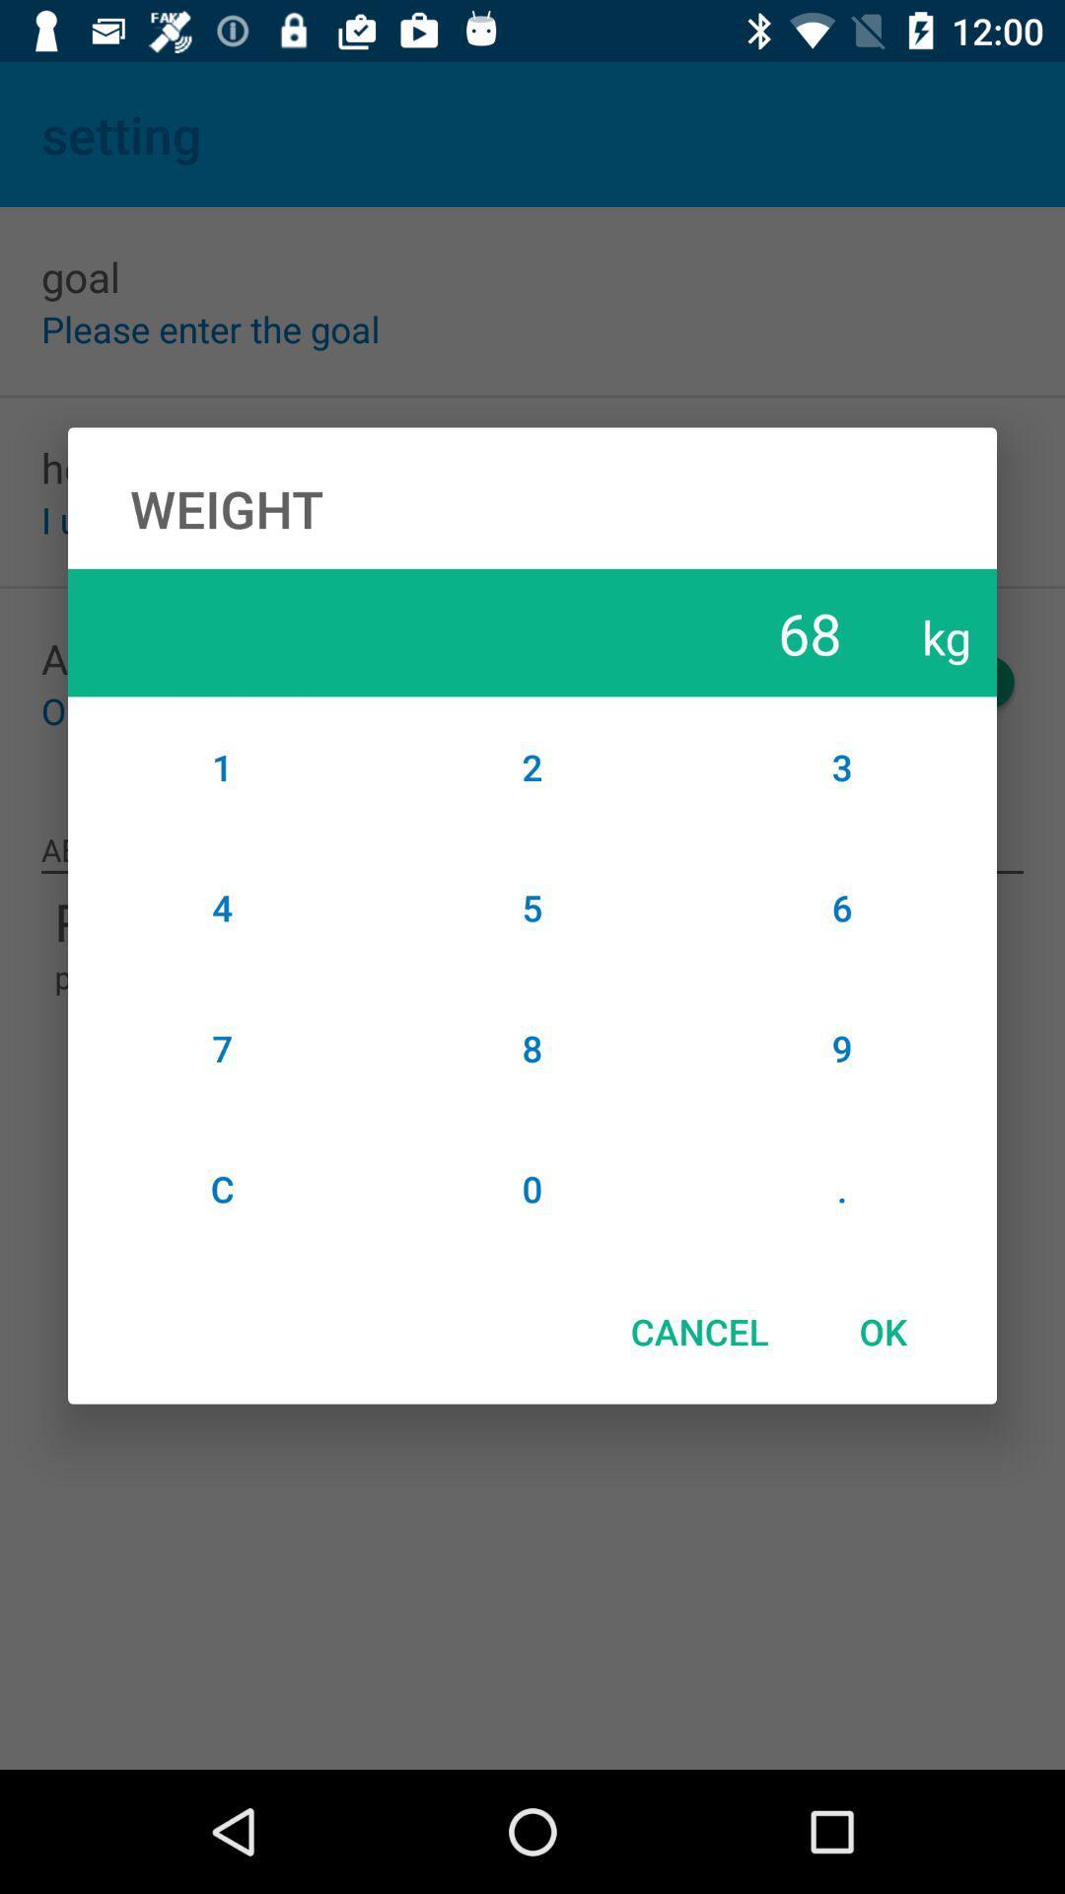 This screenshot has width=1065, height=1894. Describe the element at coordinates (698, 1331) in the screenshot. I see `the icon below 0 item` at that location.